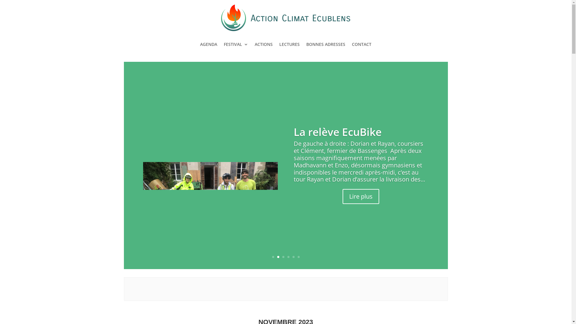  Describe the element at coordinates (278, 256) in the screenshot. I see `'2'` at that location.